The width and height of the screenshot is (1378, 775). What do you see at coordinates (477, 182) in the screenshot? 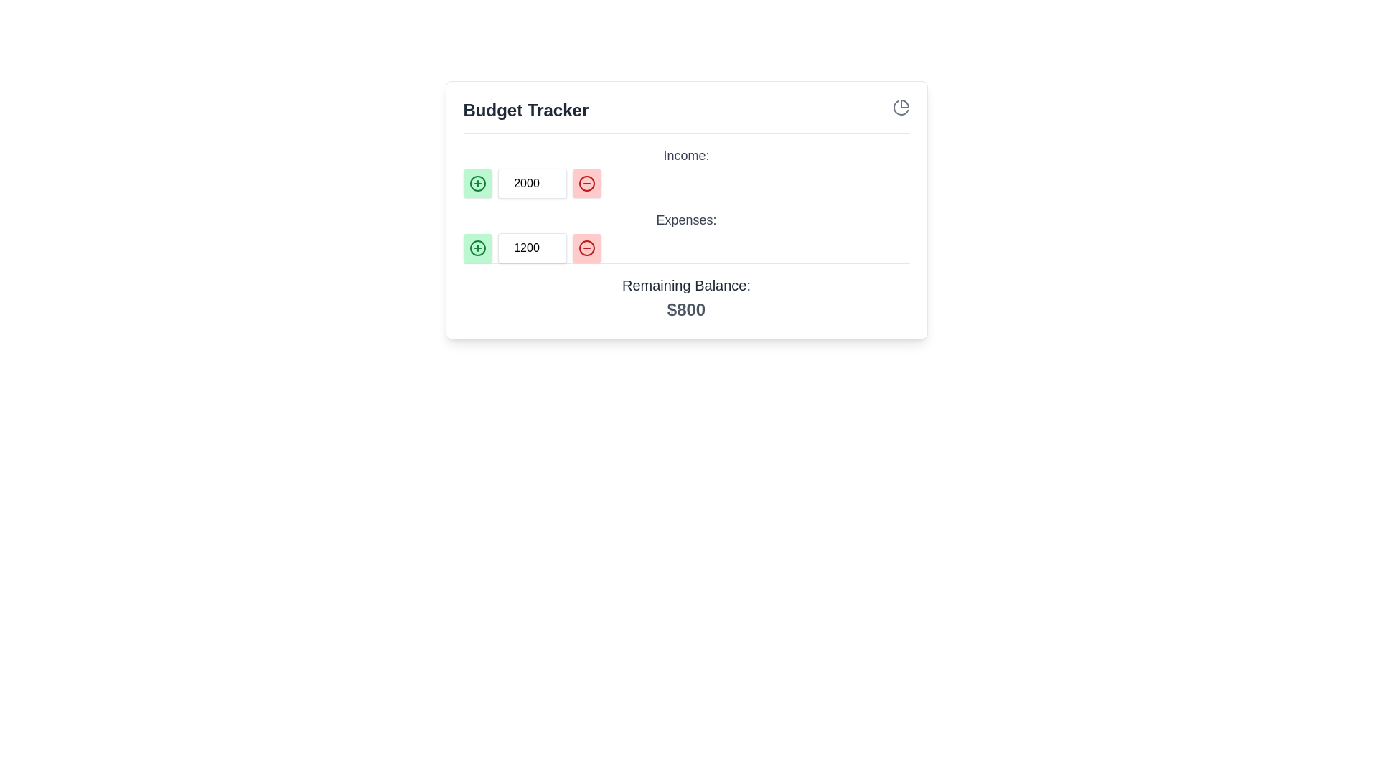
I see `the first button in the second row of the Budget Tracker` at bounding box center [477, 182].